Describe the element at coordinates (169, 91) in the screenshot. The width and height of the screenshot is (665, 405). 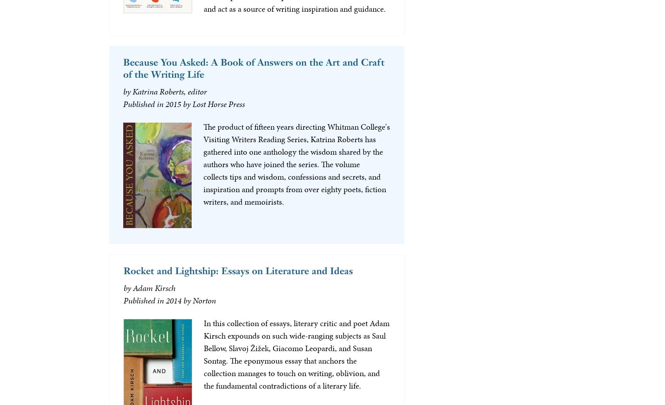
I see `'Katrina Roberts, editor'` at that location.